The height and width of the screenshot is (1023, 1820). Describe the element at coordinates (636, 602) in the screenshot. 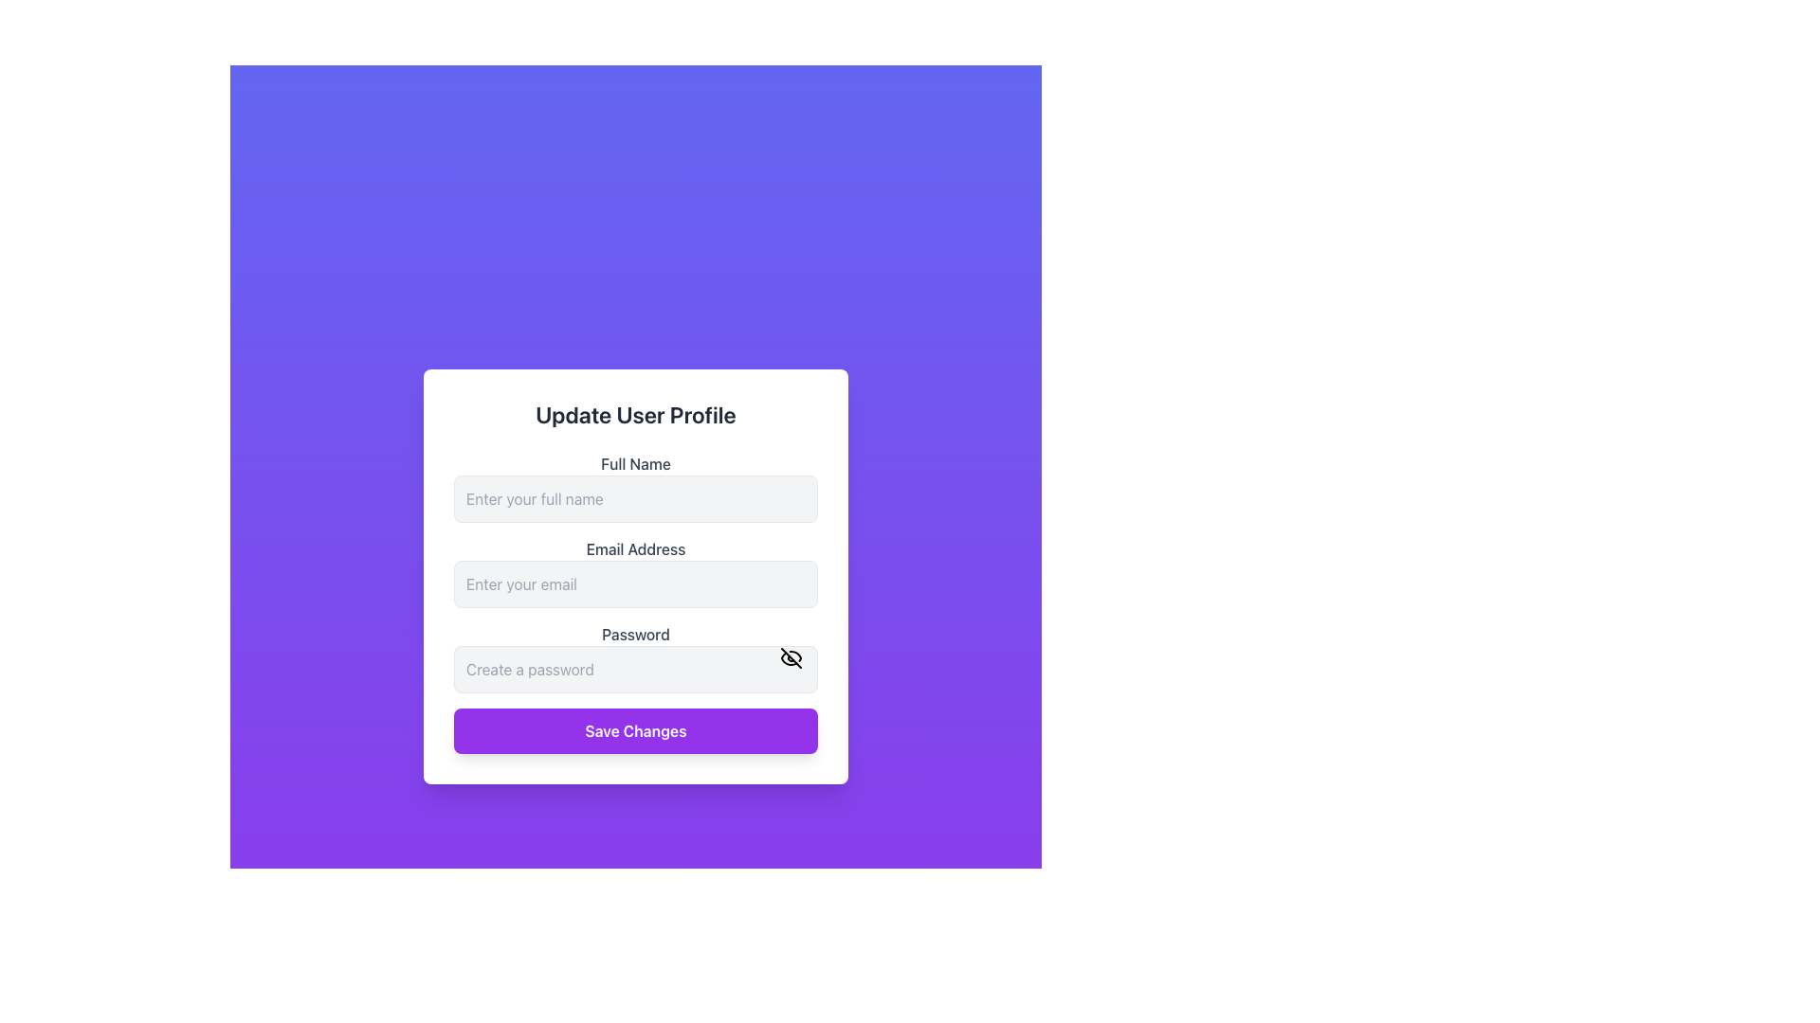

I see `the second input field in the 'Update User Profile' form, which is designated for entering an email address` at that location.